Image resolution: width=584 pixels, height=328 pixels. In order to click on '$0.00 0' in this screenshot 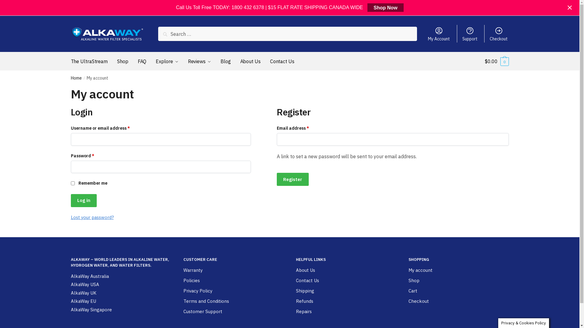, I will do `click(496, 61)`.